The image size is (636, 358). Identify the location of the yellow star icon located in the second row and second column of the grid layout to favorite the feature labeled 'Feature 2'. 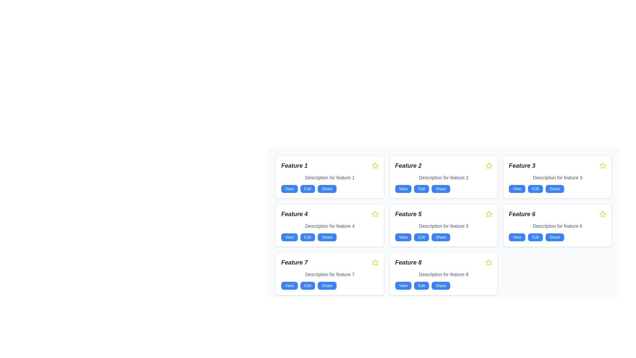
(489, 165).